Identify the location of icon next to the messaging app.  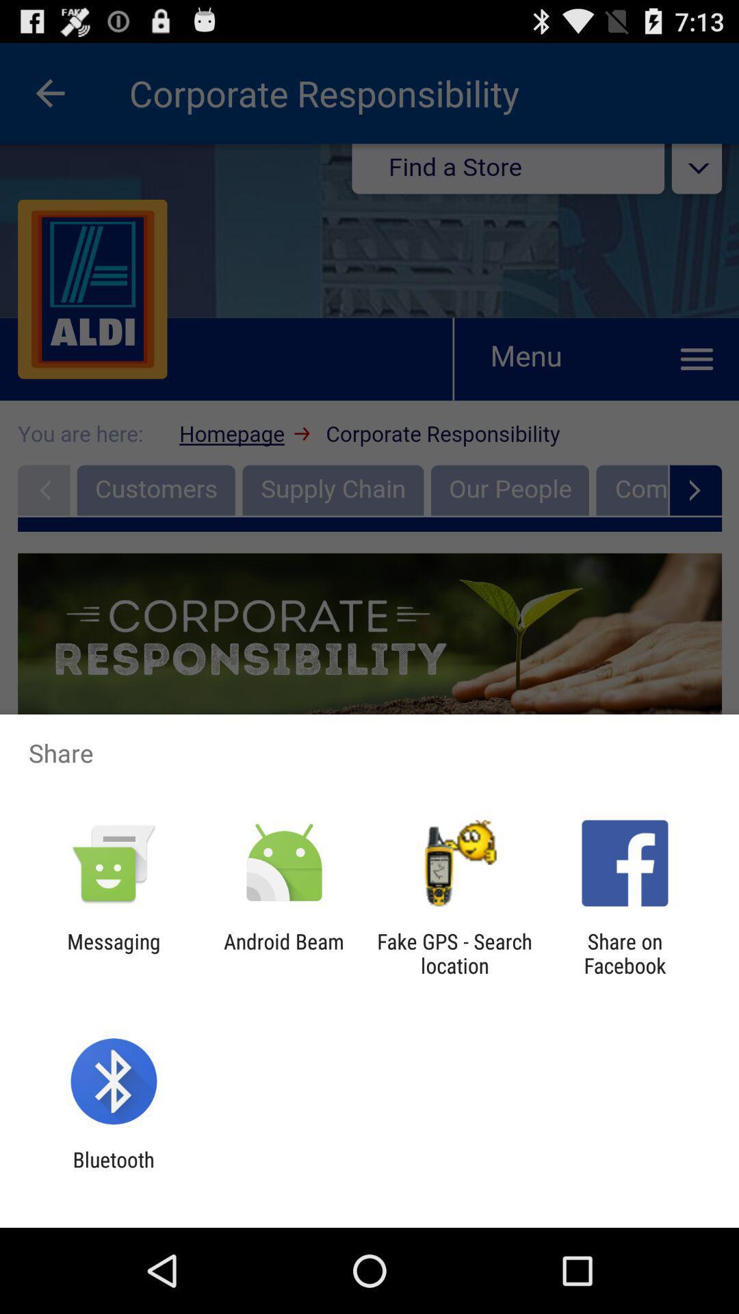
(283, 953).